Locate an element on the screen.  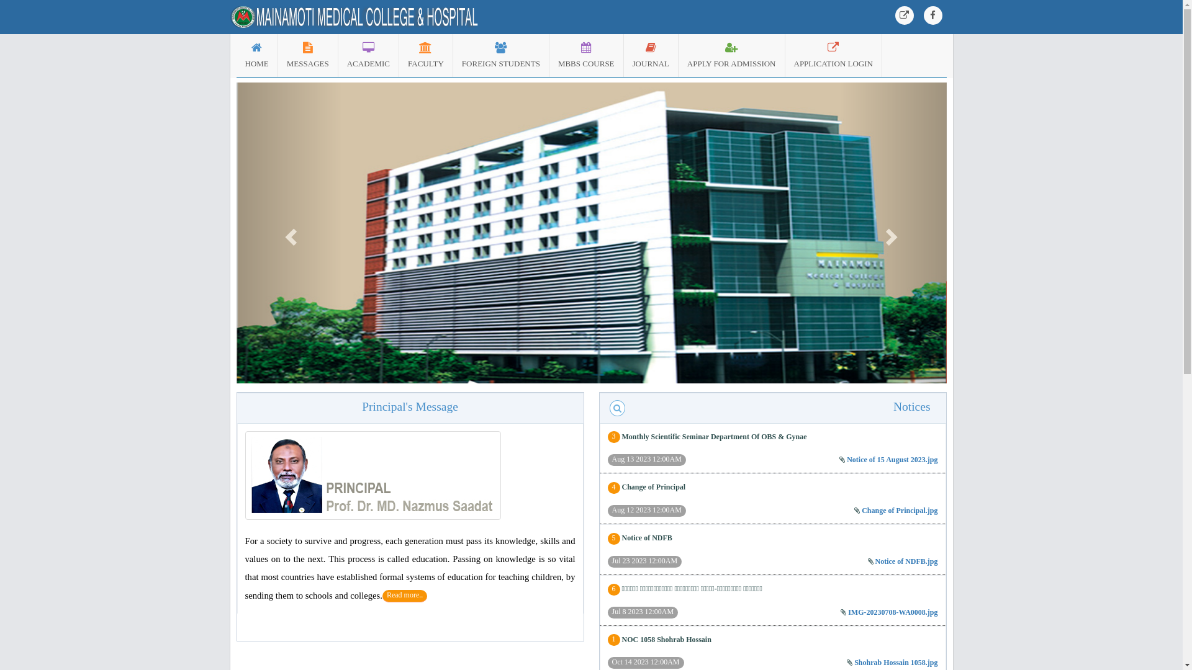
'JOURNAL' is located at coordinates (650, 55).